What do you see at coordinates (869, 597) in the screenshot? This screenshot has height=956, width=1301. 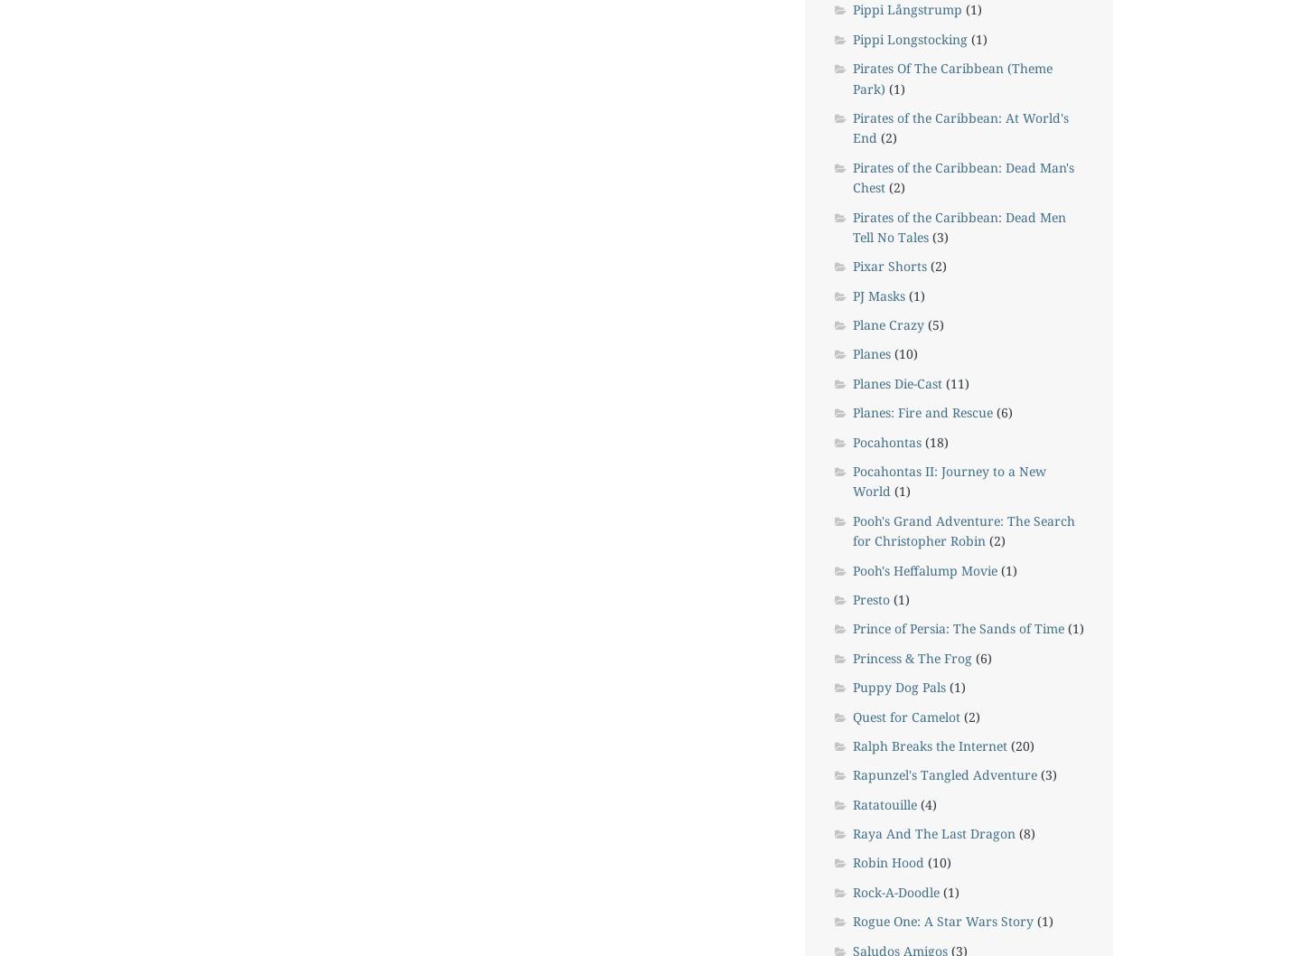 I see `'Presto'` at bounding box center [869, 597].